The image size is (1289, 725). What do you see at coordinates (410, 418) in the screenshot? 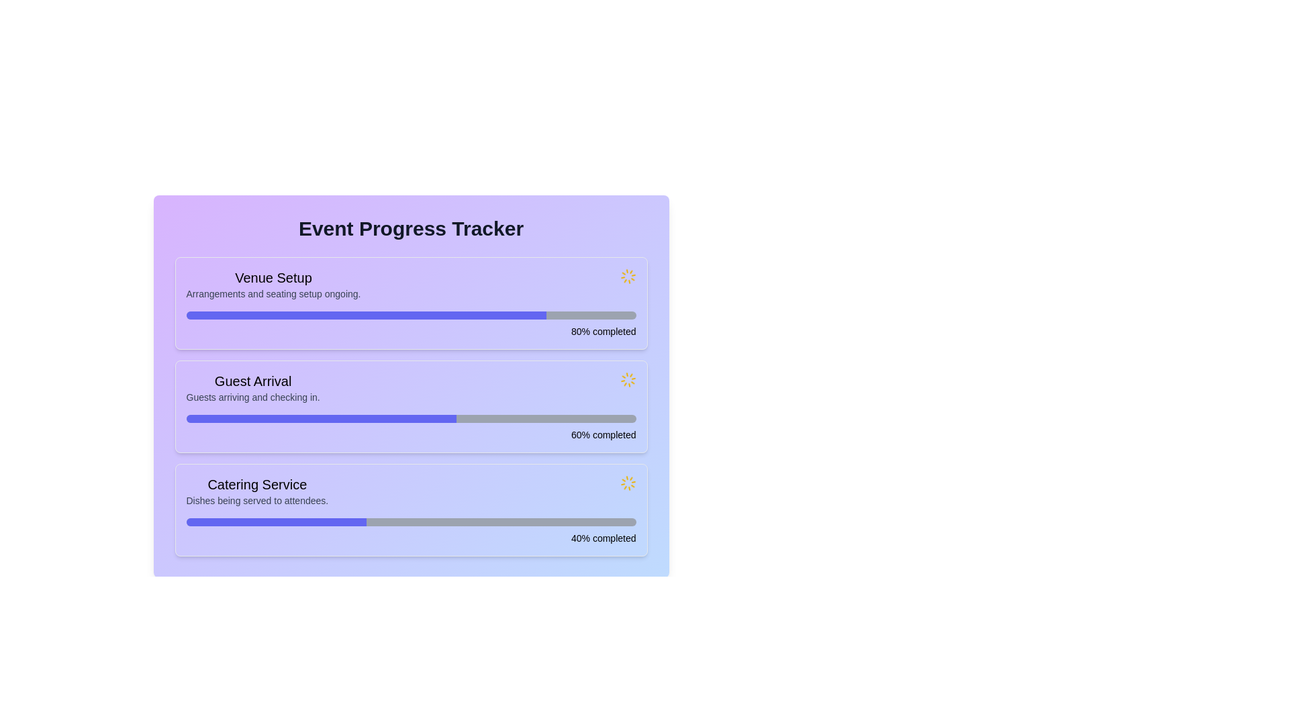
I see `the horizontal progress bar located in the 'Guest Arrival' section of the 'Event Progress Tracker', which shows 60% completion` at bounding box center [410, 418].